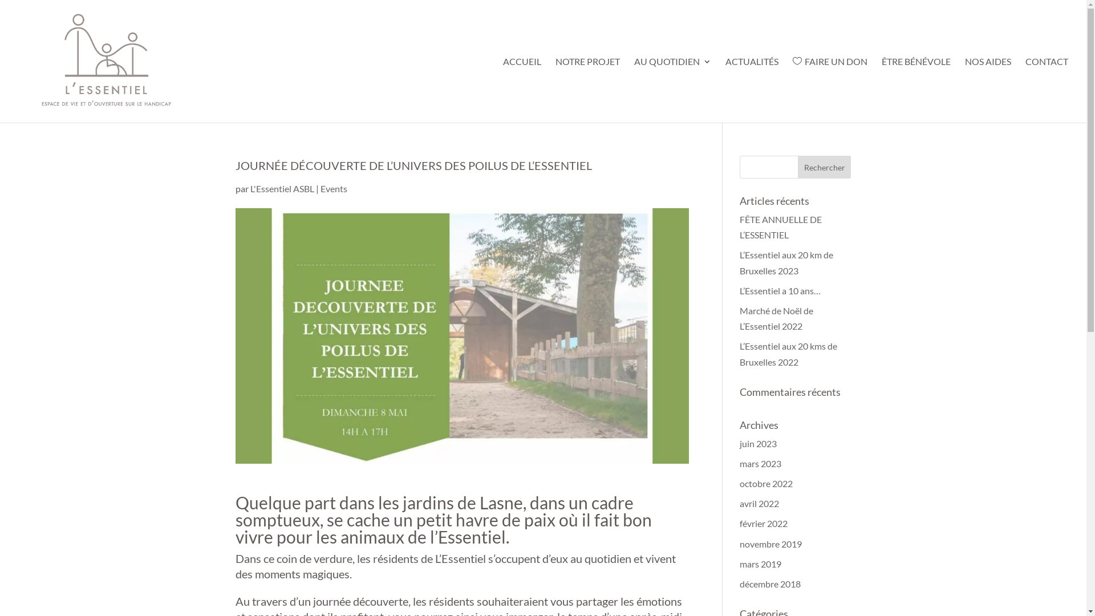  I want to click on 'CONTACT', so click(1025, 90).